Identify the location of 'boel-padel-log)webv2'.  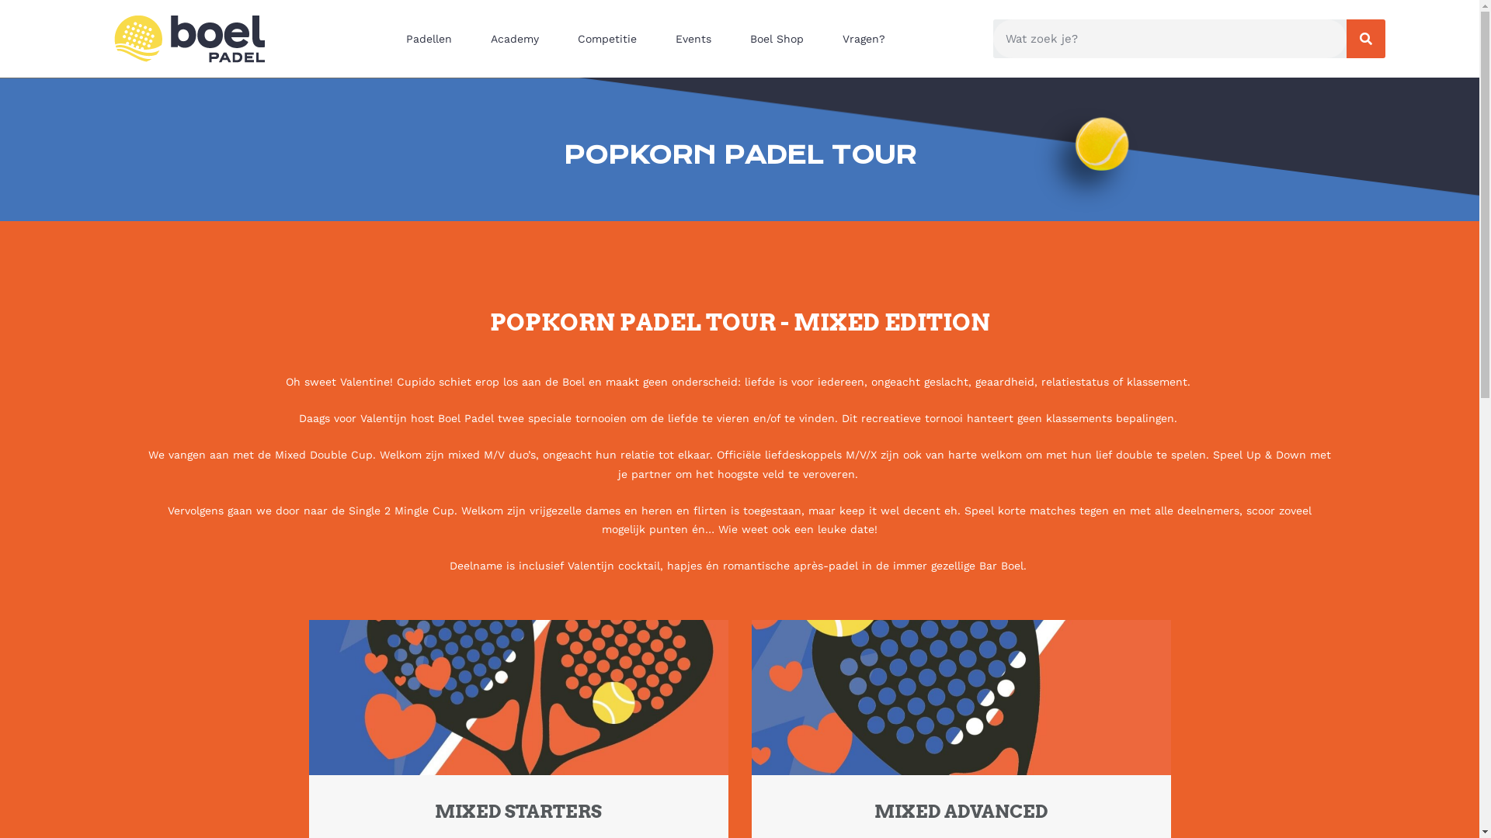
(189, 38).